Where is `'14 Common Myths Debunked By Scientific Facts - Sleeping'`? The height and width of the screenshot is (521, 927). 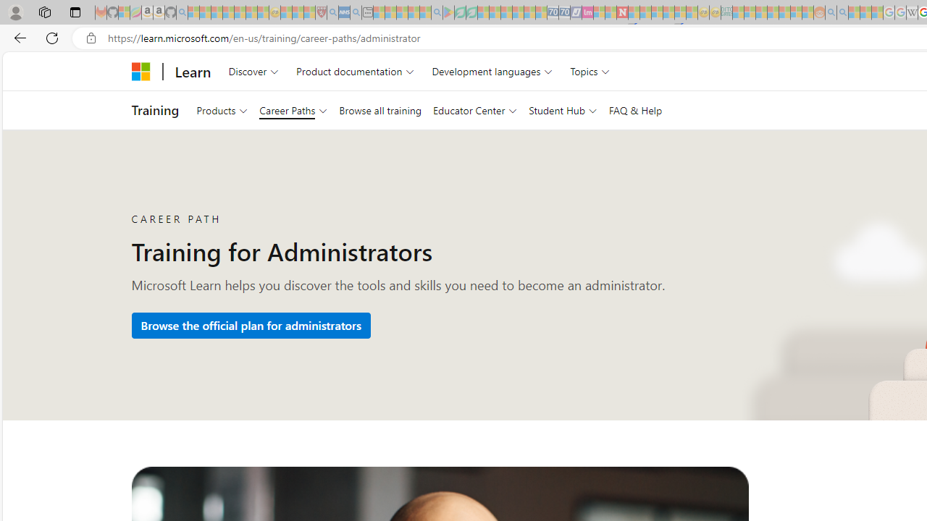
'14 Common Myths Debunked By Scientific Facts - Sleeping' is located at coordinates (645, 12).